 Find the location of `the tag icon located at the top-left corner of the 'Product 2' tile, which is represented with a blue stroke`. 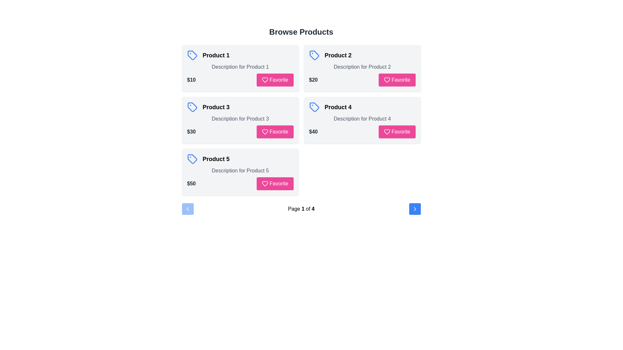

the tag icon located at the top-left corner of the 'Product 2' tile, which is represented with a blue stroke is located at coordinates (314, 55).